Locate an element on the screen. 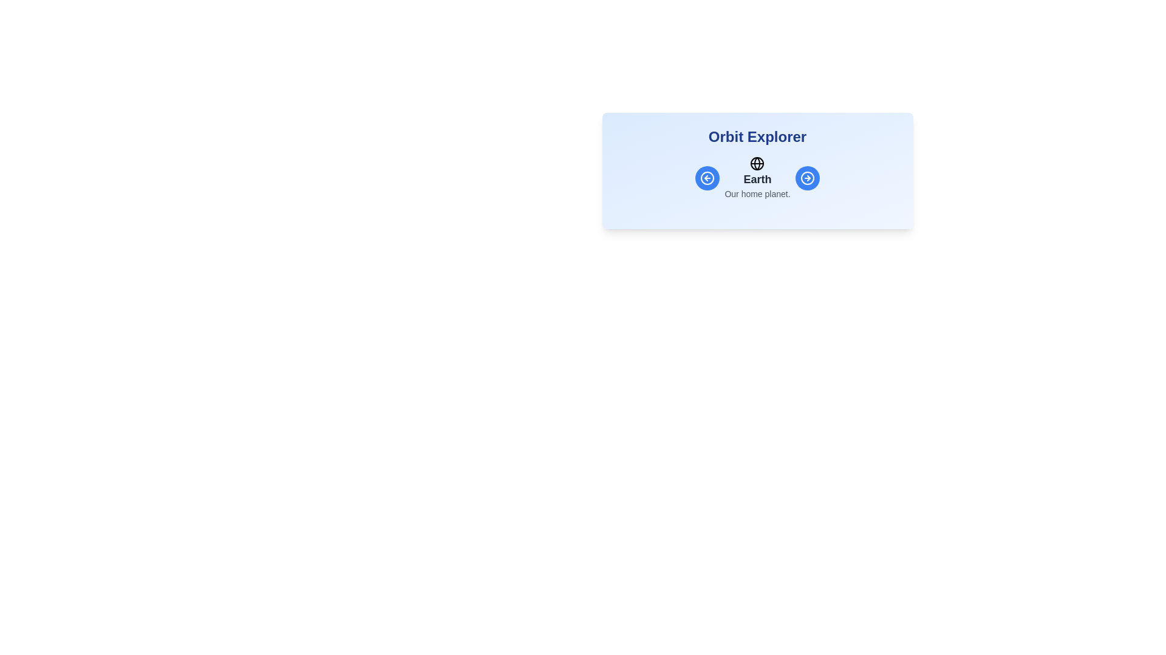 Image resolution: width=1166 pixels, height=655 pixels. the circular blue icon depicting a right-pointing arrow is located at coordinates (807, 178).